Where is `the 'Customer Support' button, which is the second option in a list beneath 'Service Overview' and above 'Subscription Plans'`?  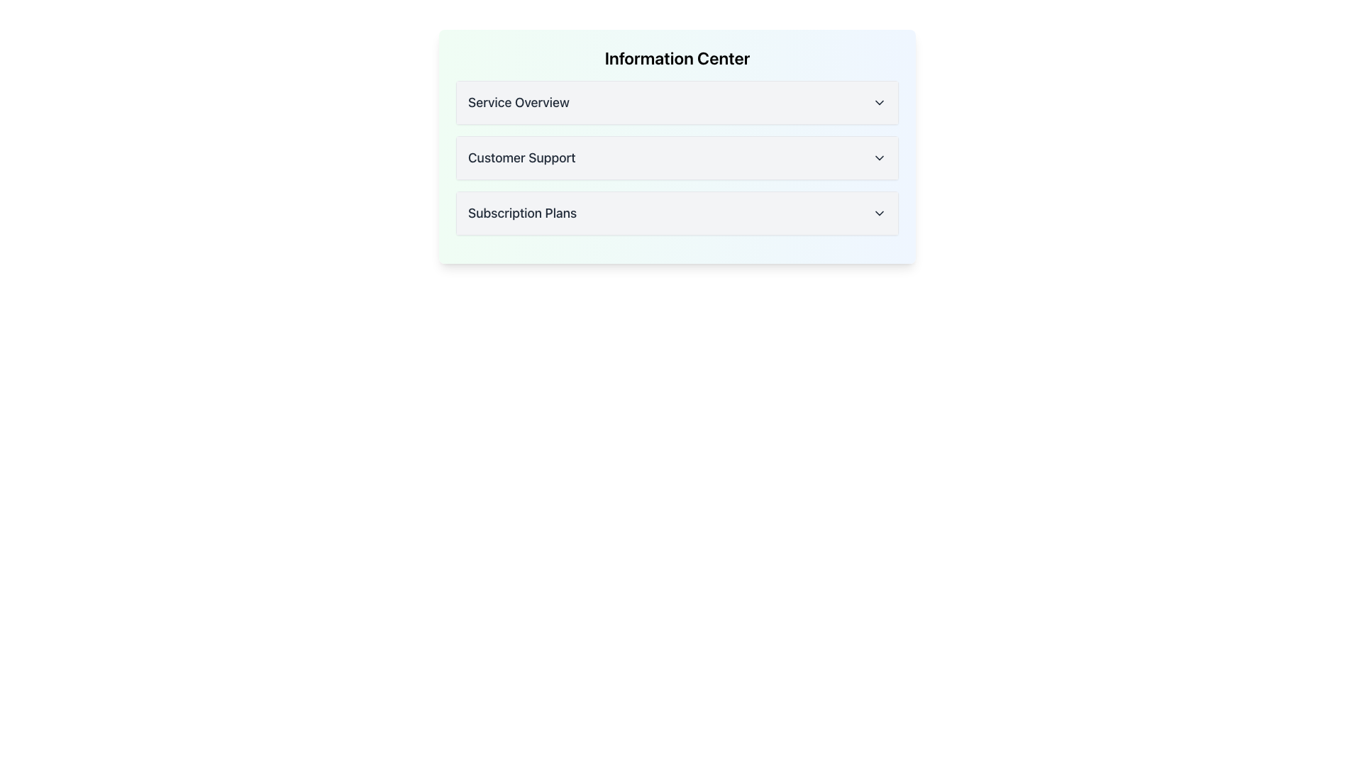
the 'Customer Support' button, which is the second option in a list beneath 'Service Overview' and above 'Subscription Plans' is located at coordinates (677, 158).